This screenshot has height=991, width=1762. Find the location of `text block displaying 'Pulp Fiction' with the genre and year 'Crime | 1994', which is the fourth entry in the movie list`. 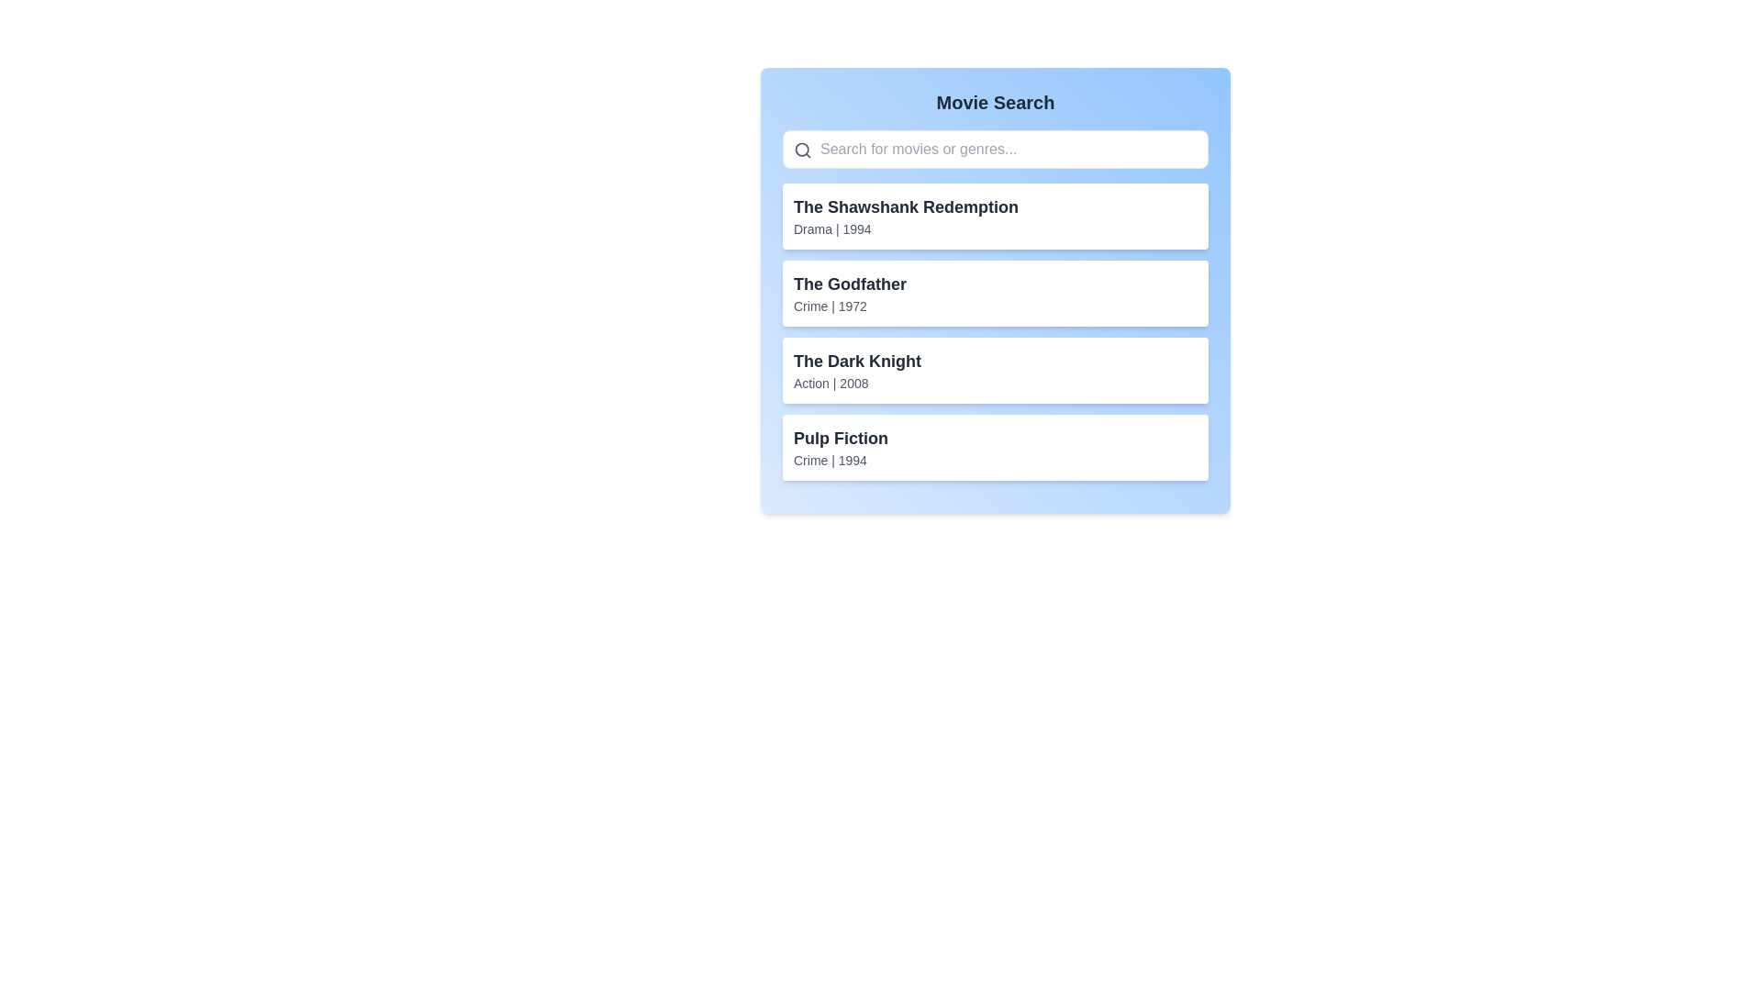

text block displaying 'Pulp Fiction' with the genre and year 'Crime | 1994', which is the fourth entry in the movie list is located at coordinates (840, 448).